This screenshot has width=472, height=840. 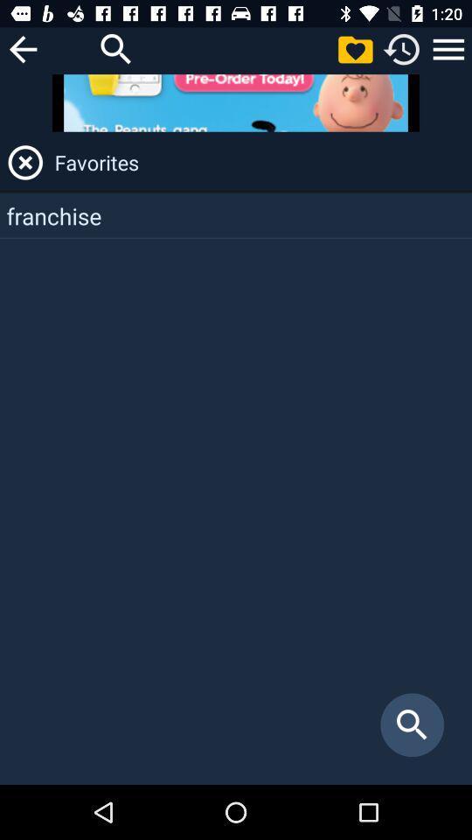 What do you see at coordinates (236, 214) in the screenshot?
I see `franchise app` at bounding box center [236, 214].